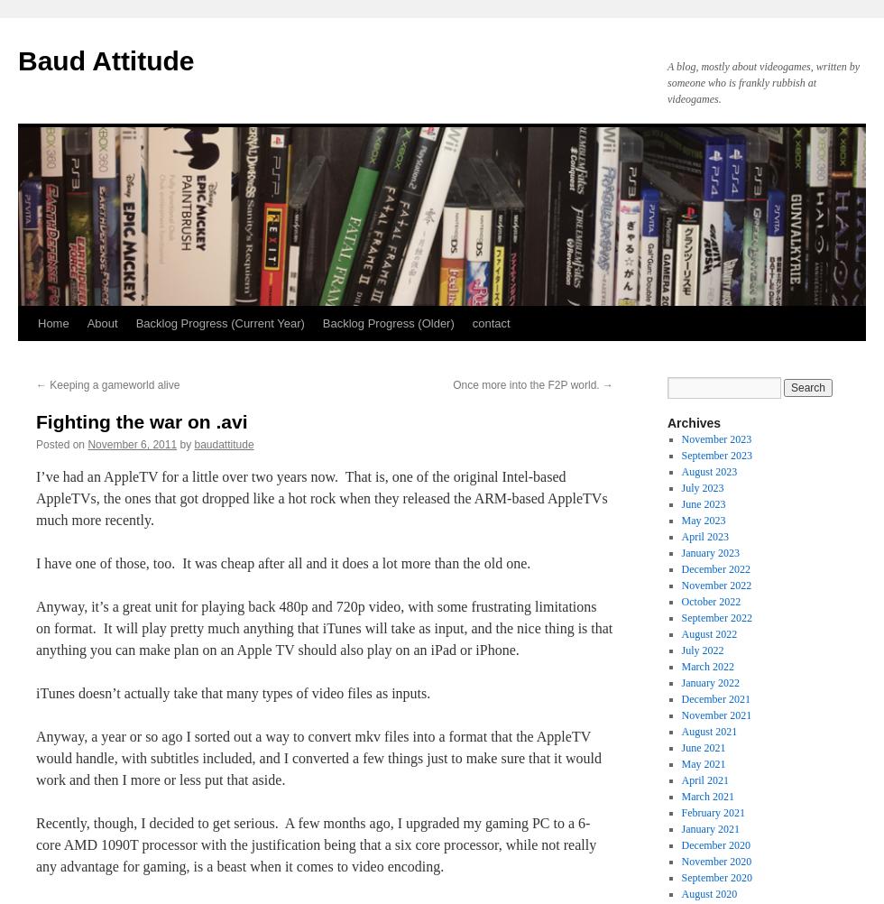  What do you see at coordinates (710, 682) in the screenshot?
I see `'January 2022'` at bounding box center [710, 682].